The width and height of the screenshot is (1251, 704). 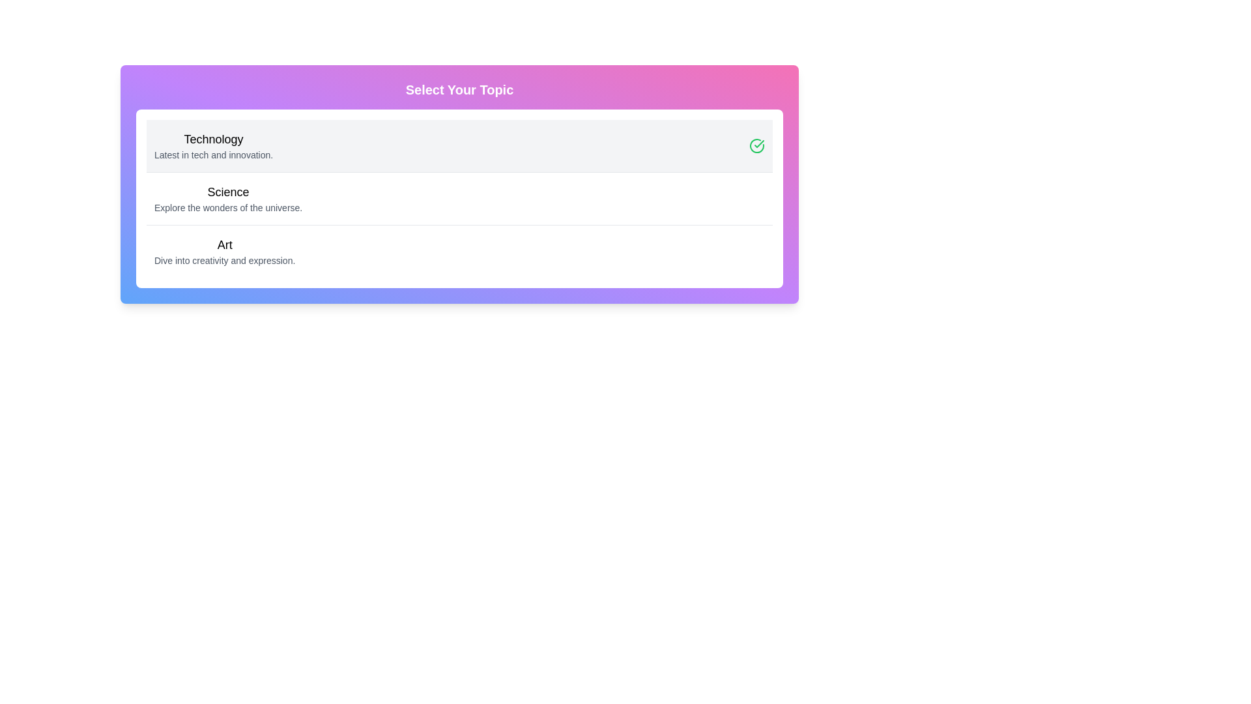 What do you see at coordinates (459, 251) in the screenshot?
I see `textual content block that contains 'Art' and 'Dive into creativity and expression.'` at bounding box center [459, 251].